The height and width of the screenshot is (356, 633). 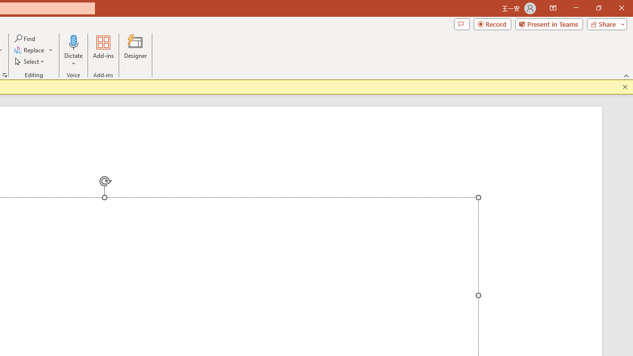 What do you see at coordinates (73, 51) in the screenshot?
I see `'Dictate'` at bounding box center [73, 51].